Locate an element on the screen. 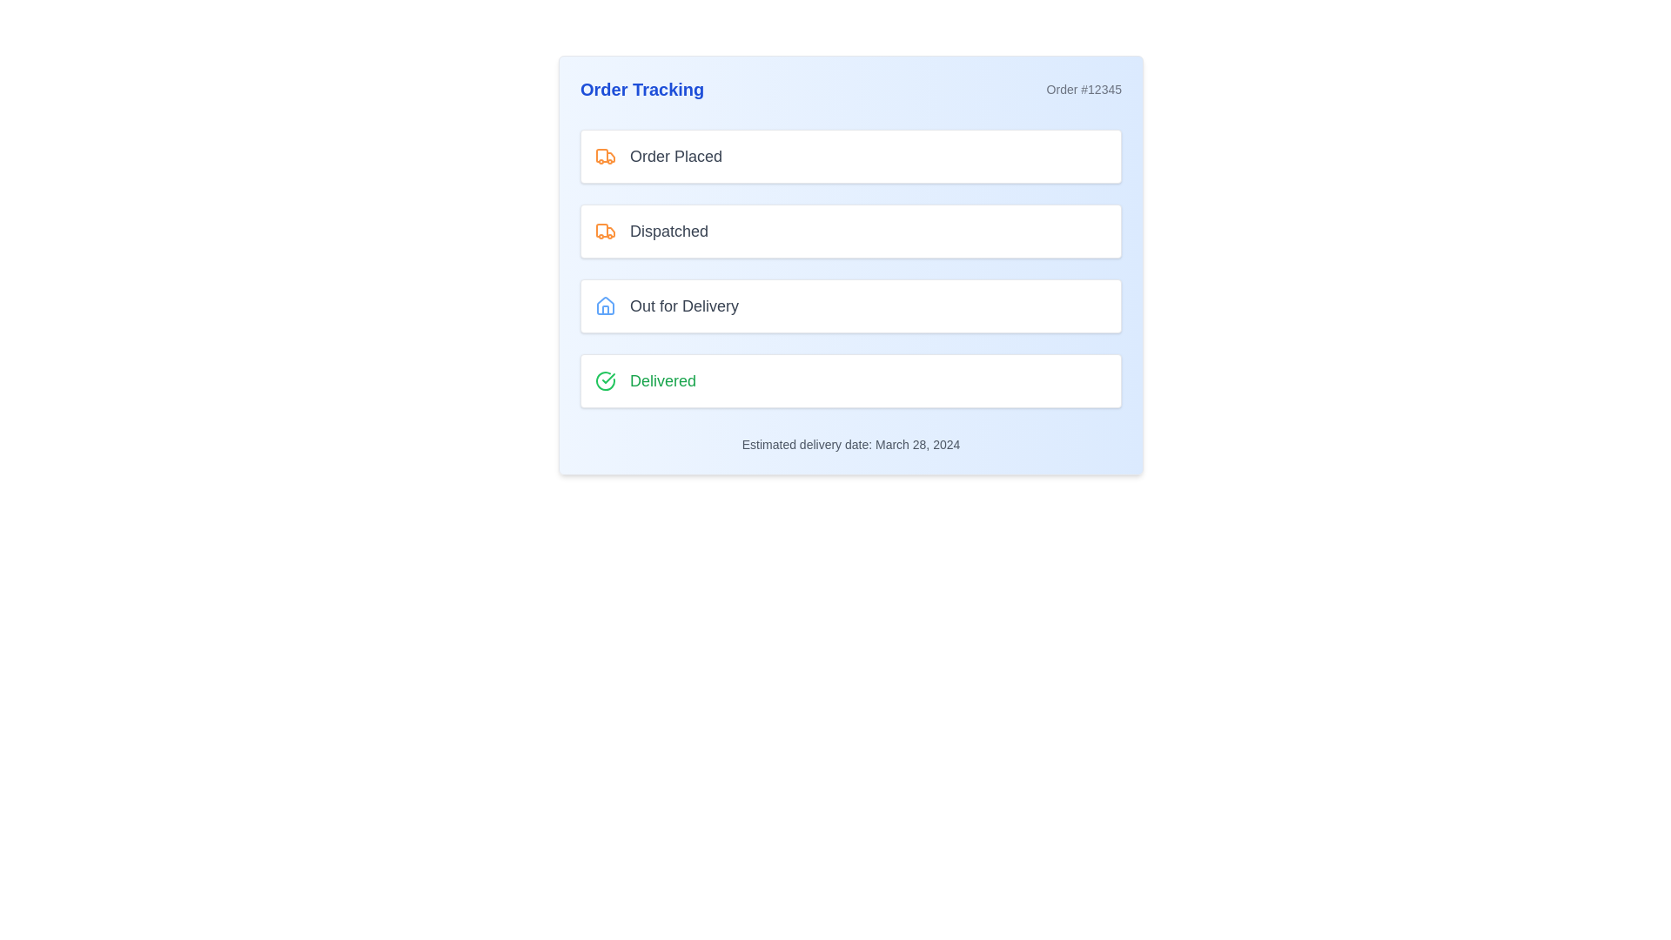  the 'Order Placed' text label, which is styled in gray and located to the right of an orange truck icon within the first item of the order tracking list is located at coordinates (675, 157).